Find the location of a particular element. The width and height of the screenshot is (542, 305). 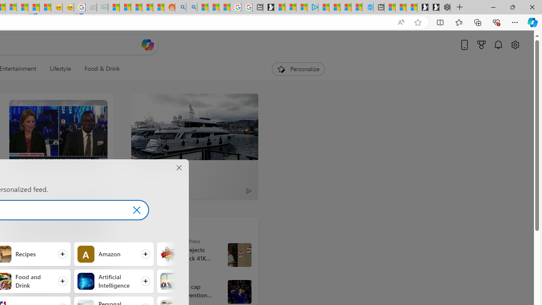

'Personalize' is located at coordinates (298, 69).